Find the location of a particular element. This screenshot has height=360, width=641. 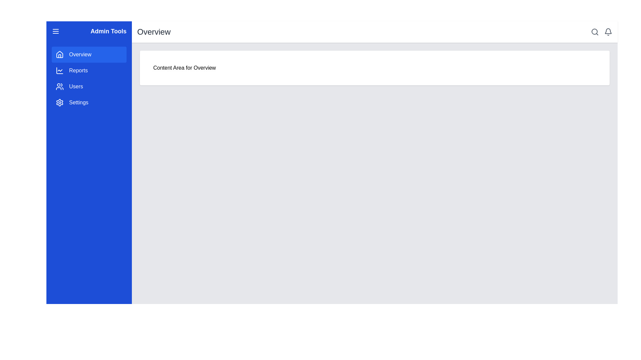

the bell icon in the top right corner of the header bar is located at coordinates (601, 32).